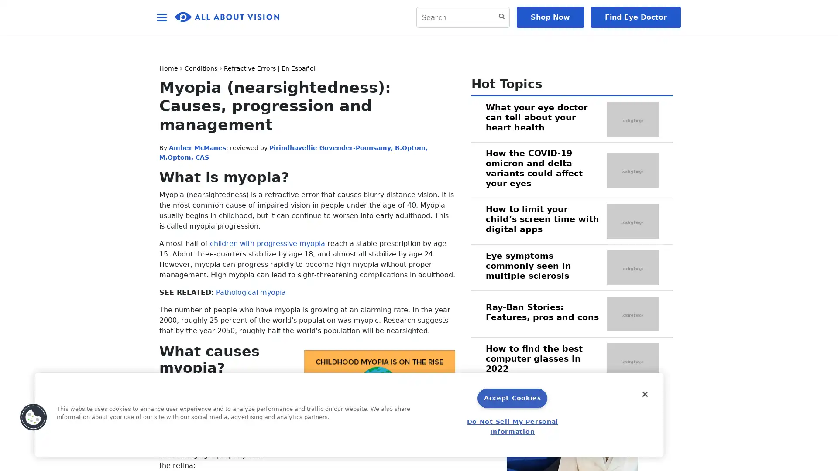 The image size is (838, 471). What do you see at coordinates (540, 449) in the screenshot?
I see `Book Now!` at bounding box center [540, 449].